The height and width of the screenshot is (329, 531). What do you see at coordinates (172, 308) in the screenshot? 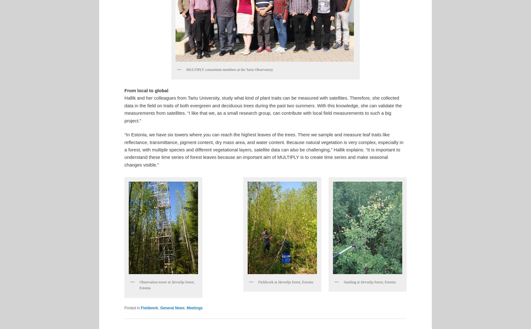
I see `'General News'` at bounding box center [172, 308].